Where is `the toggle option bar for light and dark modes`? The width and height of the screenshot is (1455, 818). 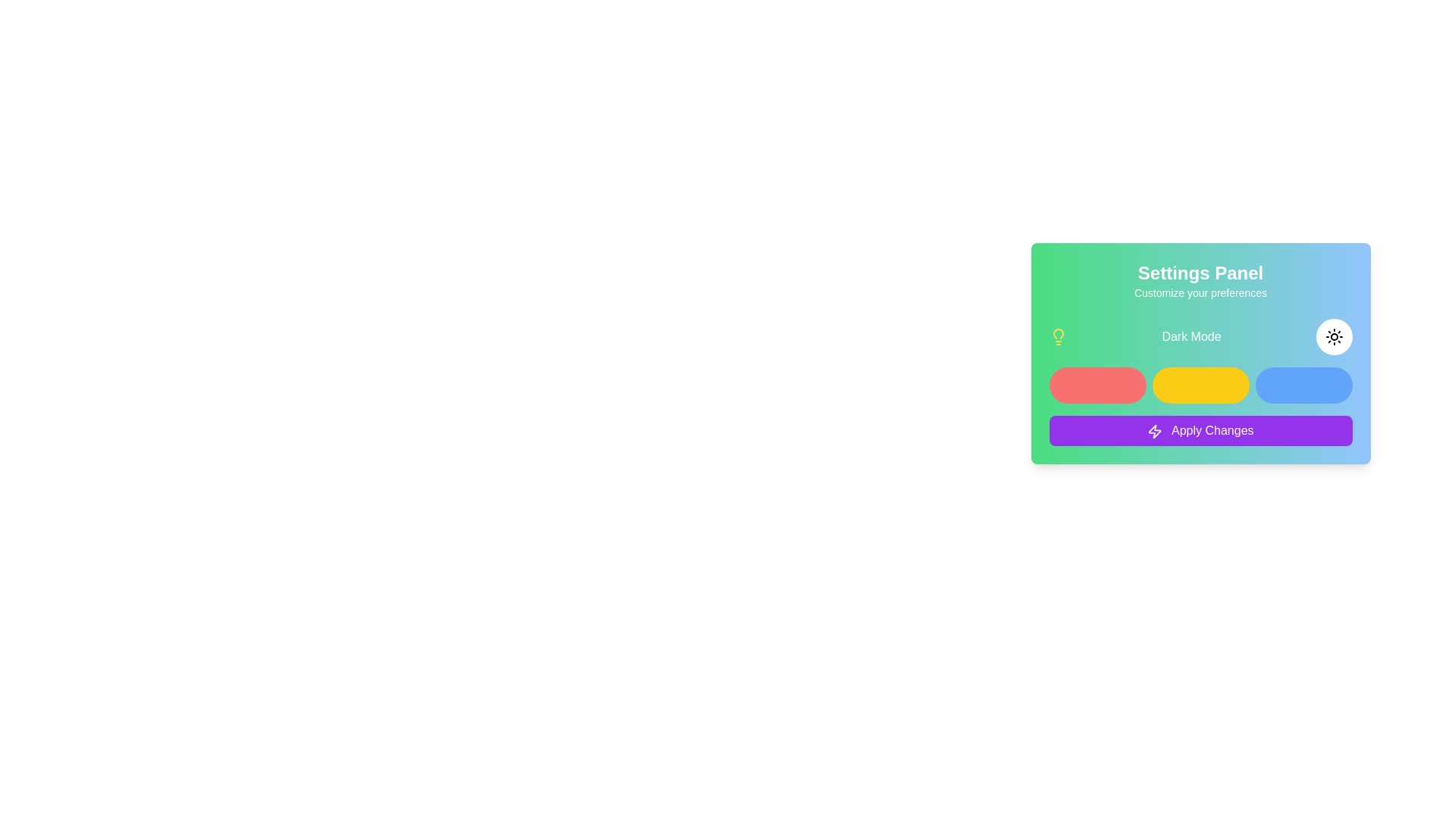
the toggle option bar for light and dark modes is located at coordinates (1200, 336).